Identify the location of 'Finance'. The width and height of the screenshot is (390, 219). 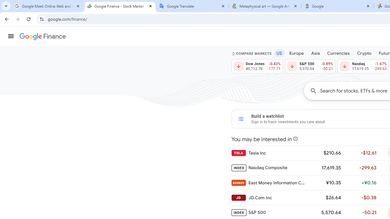
(42, 36).